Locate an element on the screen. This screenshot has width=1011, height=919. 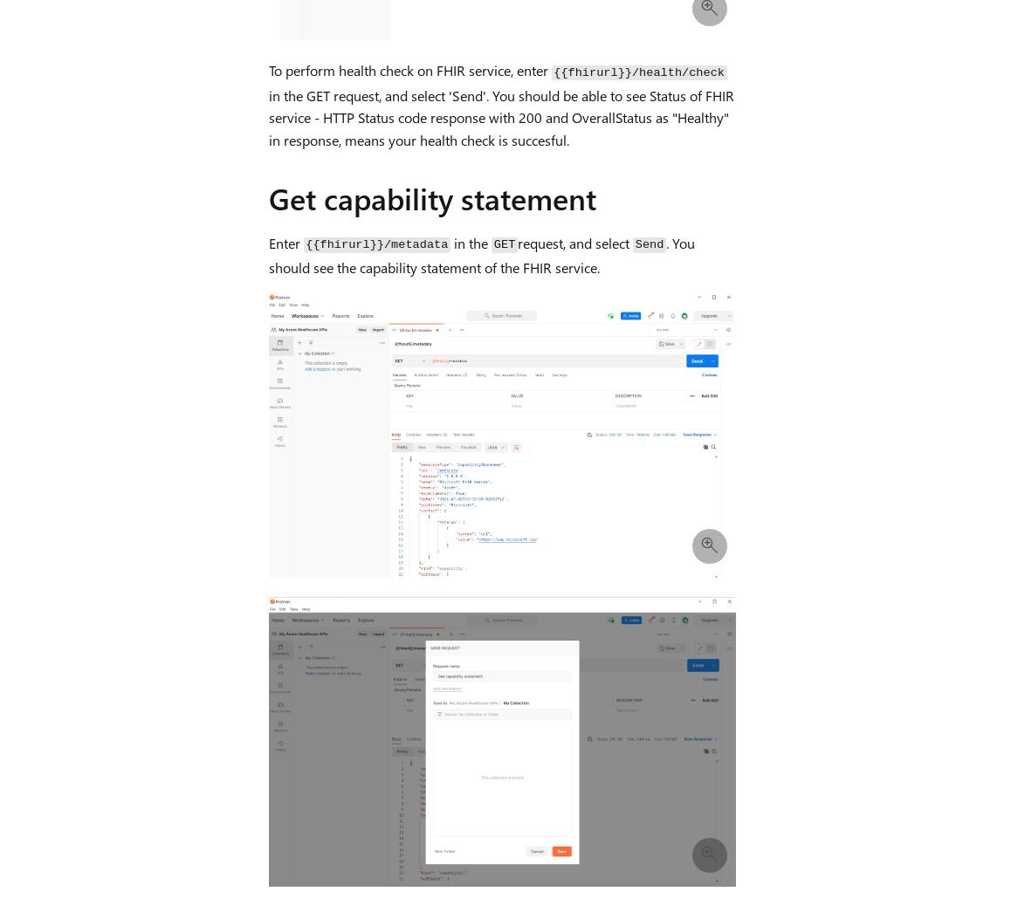
'Enter' is located at coordinates (285, 241).